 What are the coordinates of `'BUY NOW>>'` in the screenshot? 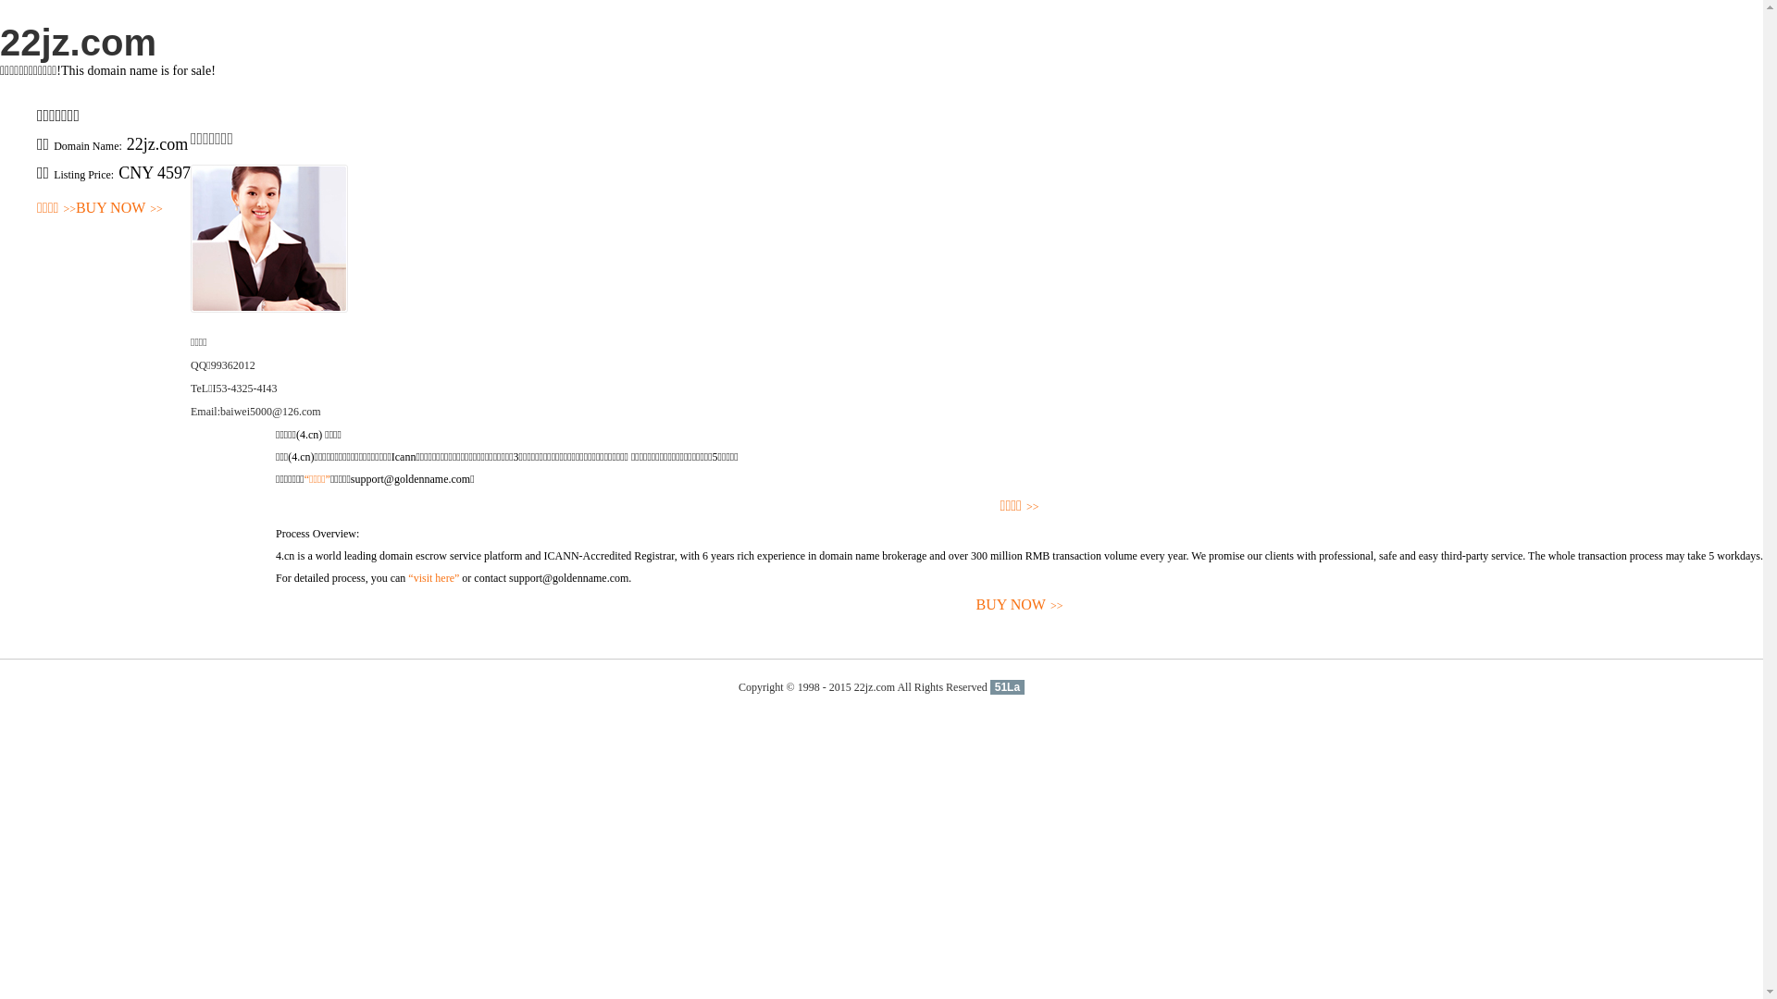 It's located at (118, 208).